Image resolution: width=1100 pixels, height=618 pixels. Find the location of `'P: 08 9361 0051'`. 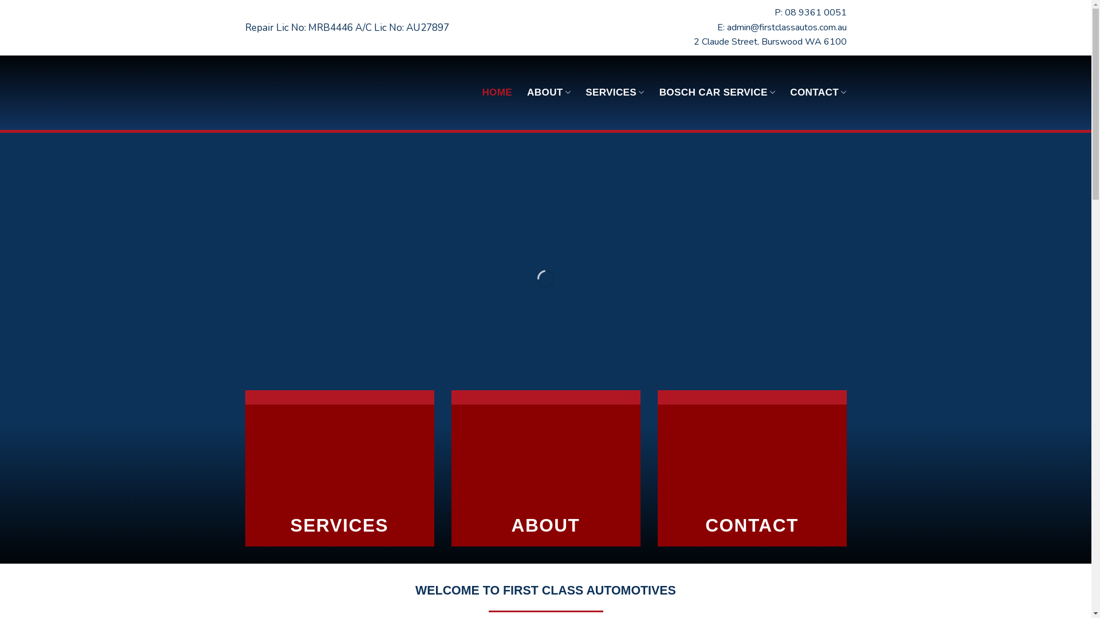

'P: 08 9361 0051' is located at coordinates (775, 13).